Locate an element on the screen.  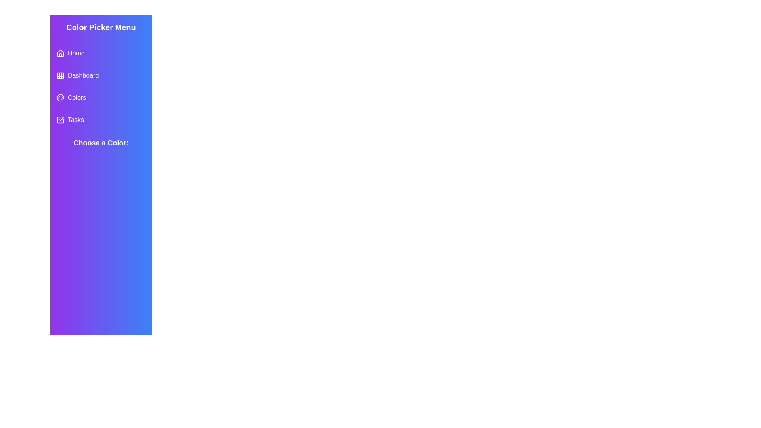
the central rectangular grid cell of the SVG-based icon to interact with the grid option is located at coordinates (60, 76).